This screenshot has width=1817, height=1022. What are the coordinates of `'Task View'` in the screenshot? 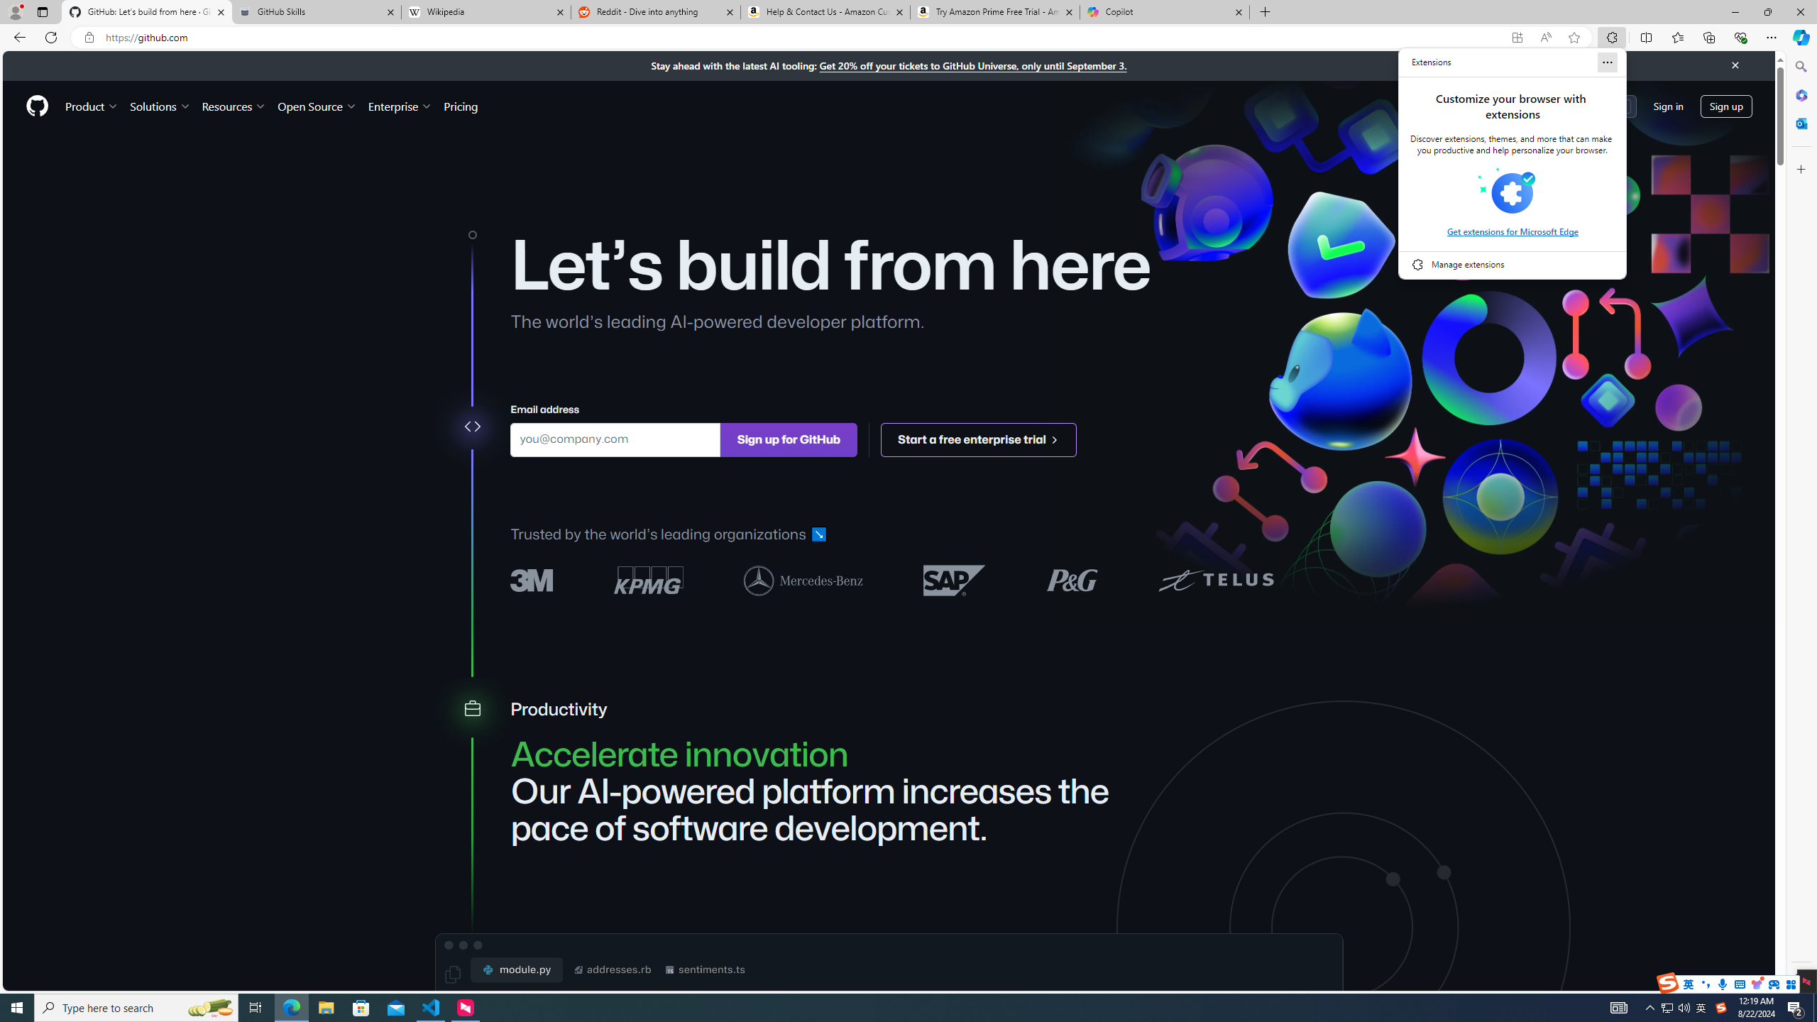 It's located at (254, 1006).